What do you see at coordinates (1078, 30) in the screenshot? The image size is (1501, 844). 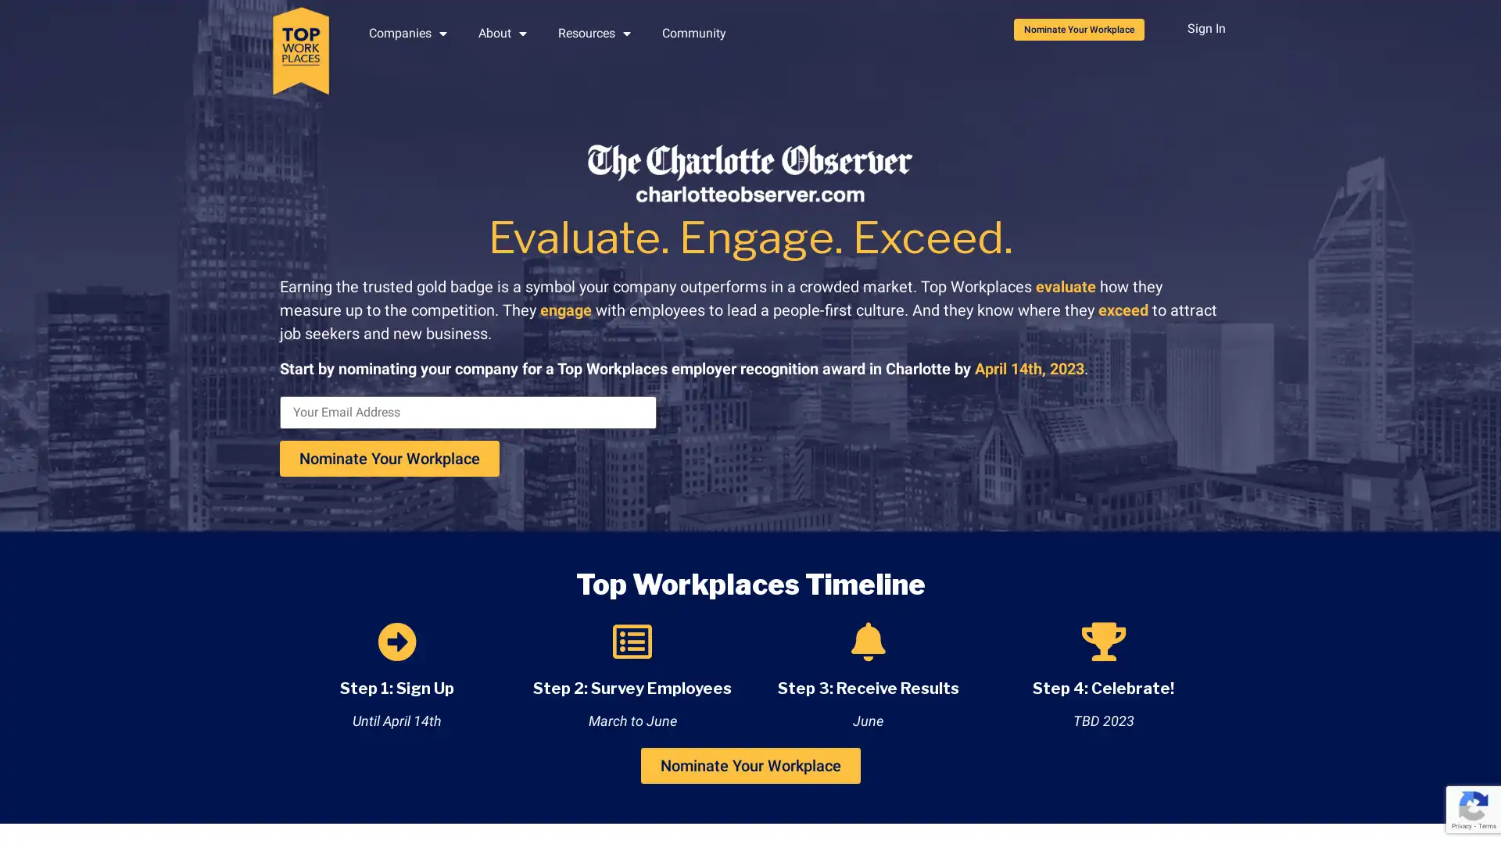 I see `Nominate Your Workplace` at bounding box center [1078, 30].